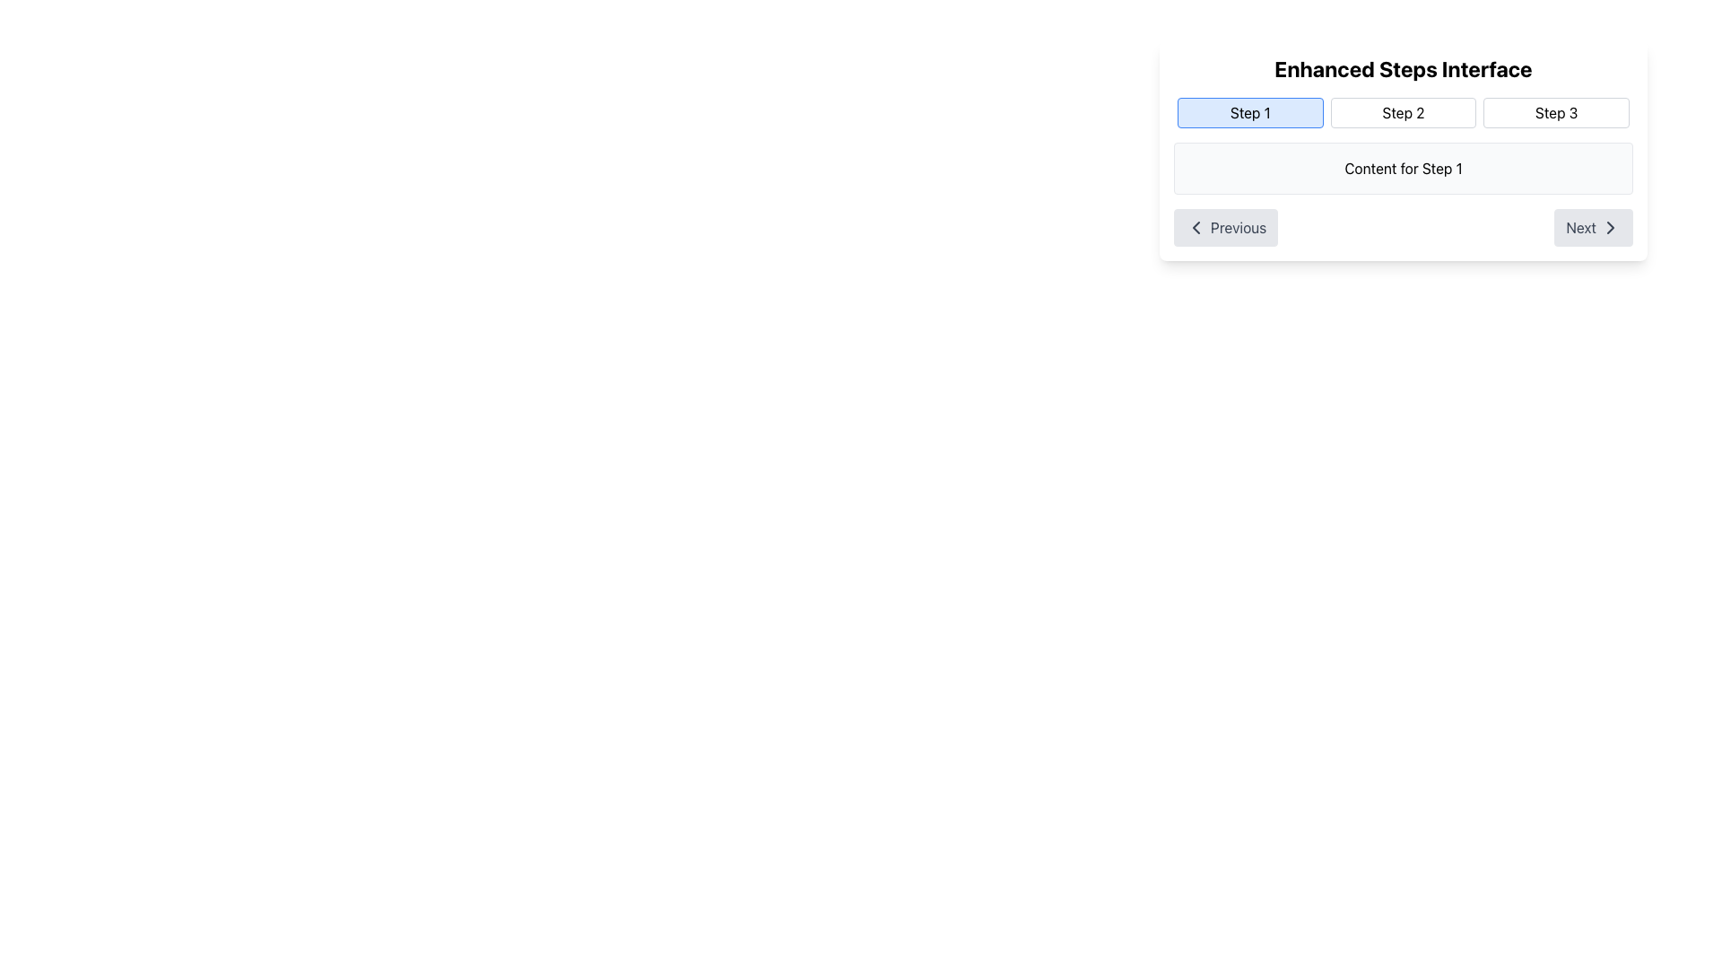 This screenshot has height=969, width=1722. What do you see at coordinates (1402, 113) in the screenshot?
I see `the 'Step 2' button, which is the second button in a horizontal step navigation interface` at bounding box center [1402, 113].